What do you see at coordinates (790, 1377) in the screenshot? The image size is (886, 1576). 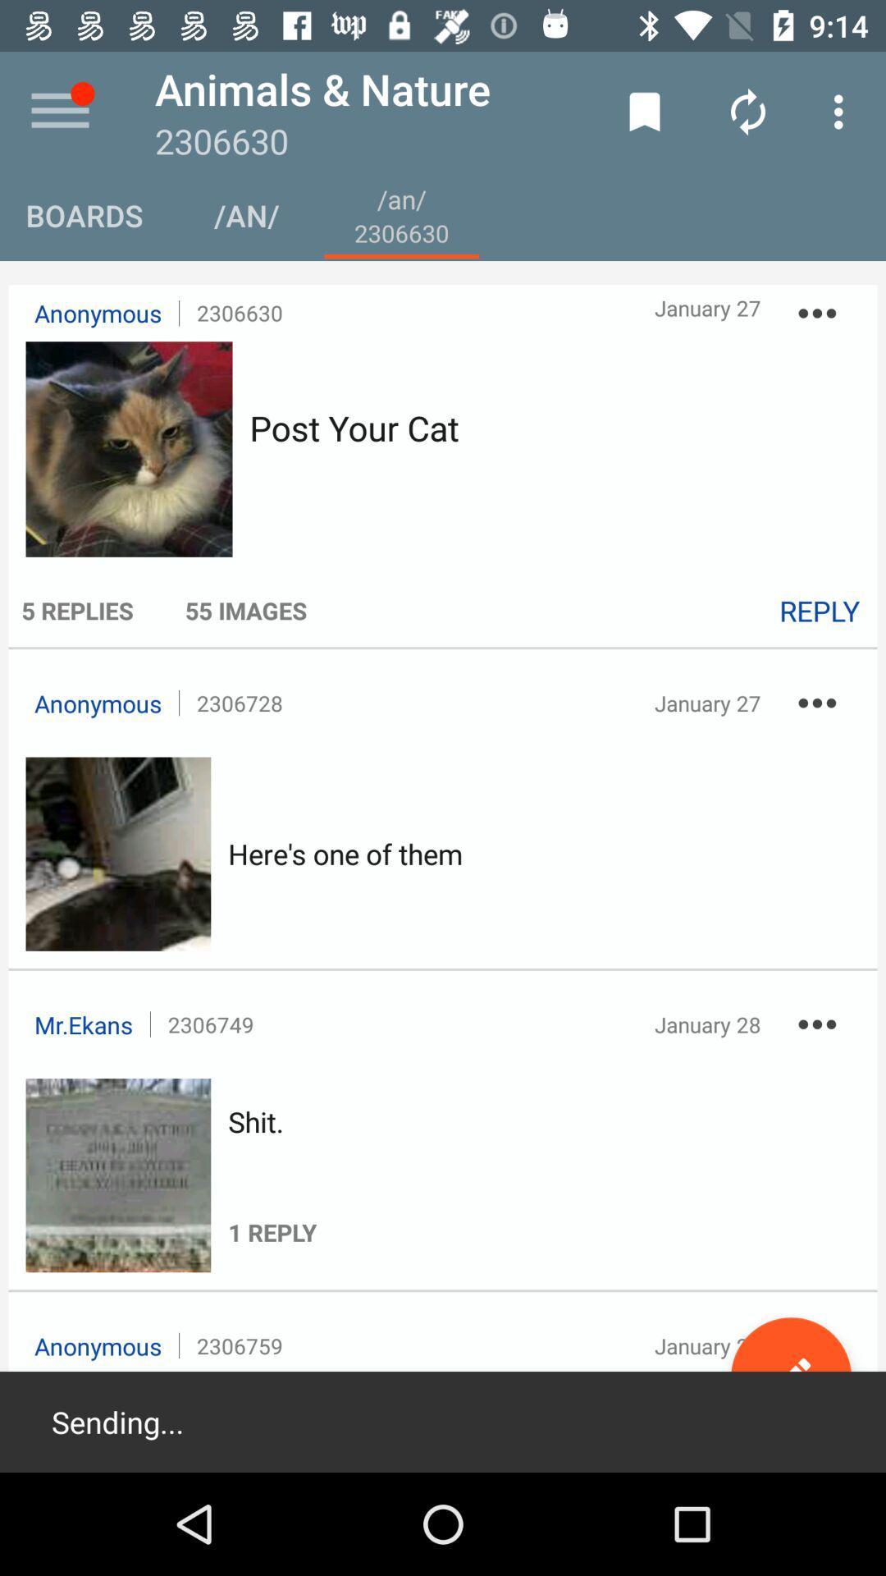 I see `the icon next to 2306759 icon` at bounding box center [790, 1377].